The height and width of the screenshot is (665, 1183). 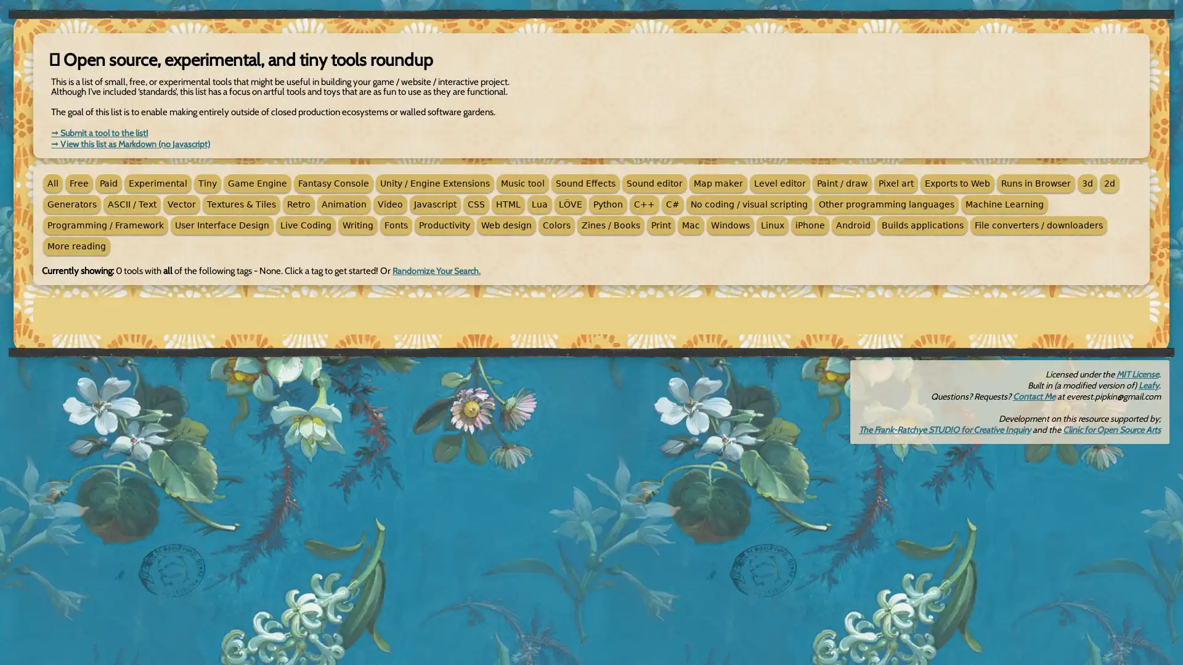 I want to click on Experimental, so click(x=157, y=183).